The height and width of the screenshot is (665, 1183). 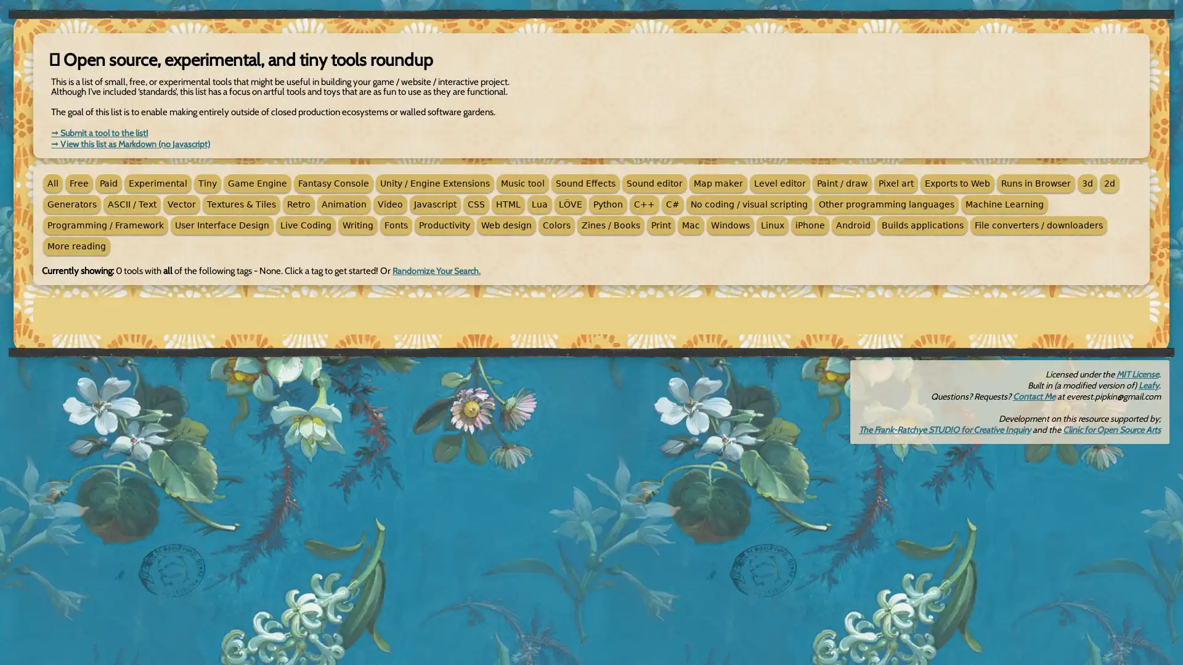 I want to click on Experimental, so click(x=157, y=183).